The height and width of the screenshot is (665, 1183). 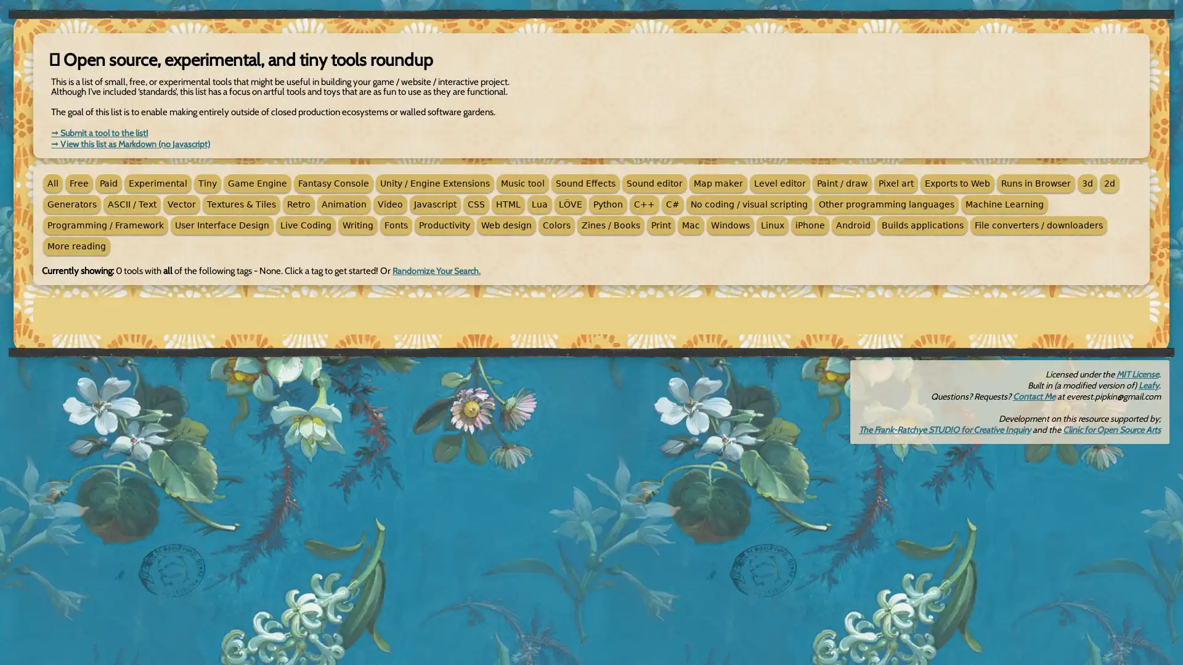 I want to click on Experimental, so click(x=157, y=183).